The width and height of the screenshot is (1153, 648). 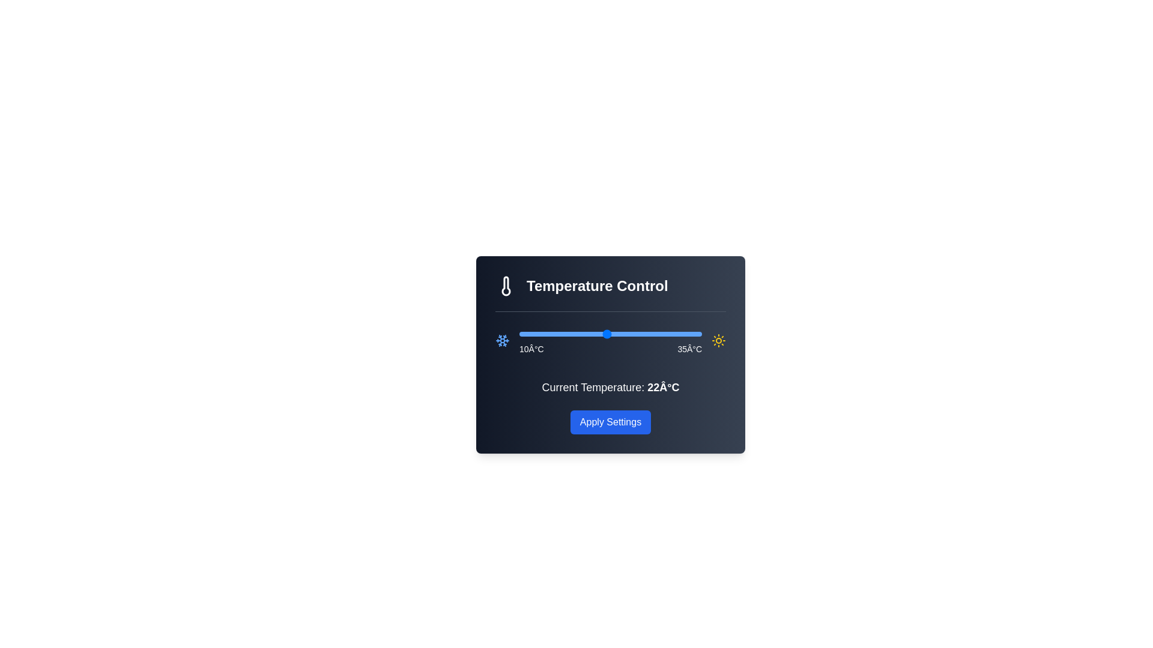 I want to click on the temperature slider to set it to 22°C, so click(x=607, y=334).